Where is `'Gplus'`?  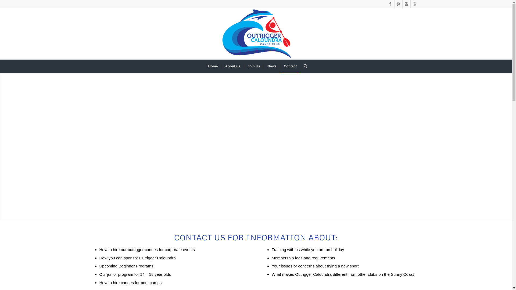
'Gplus' is located at coordinates (398, 4).